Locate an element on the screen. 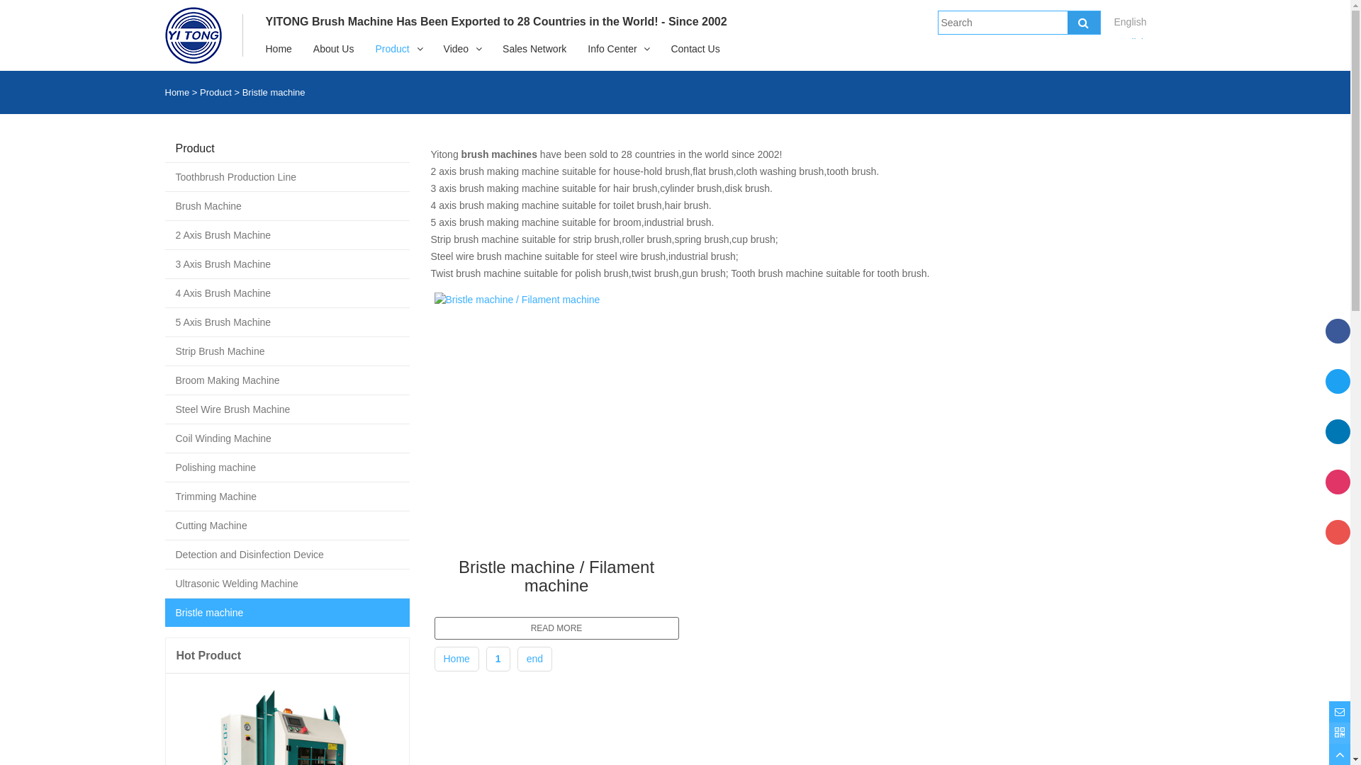 The height and width of the screenshot is (765, 1361). 'Bristle machine / Filament machine' is located at coordinates (432, 572).